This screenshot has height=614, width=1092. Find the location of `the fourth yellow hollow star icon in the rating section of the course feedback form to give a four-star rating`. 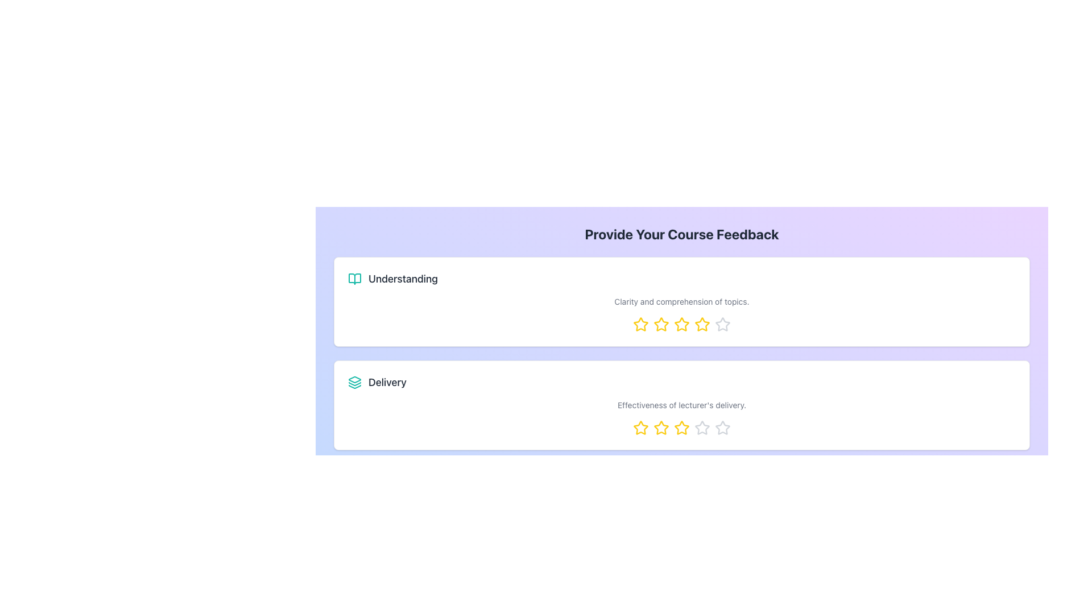

the fourth yellow hollow star icon in the rating section of the course feedback form to give a four-star rating is located at coordinates (701, 324).